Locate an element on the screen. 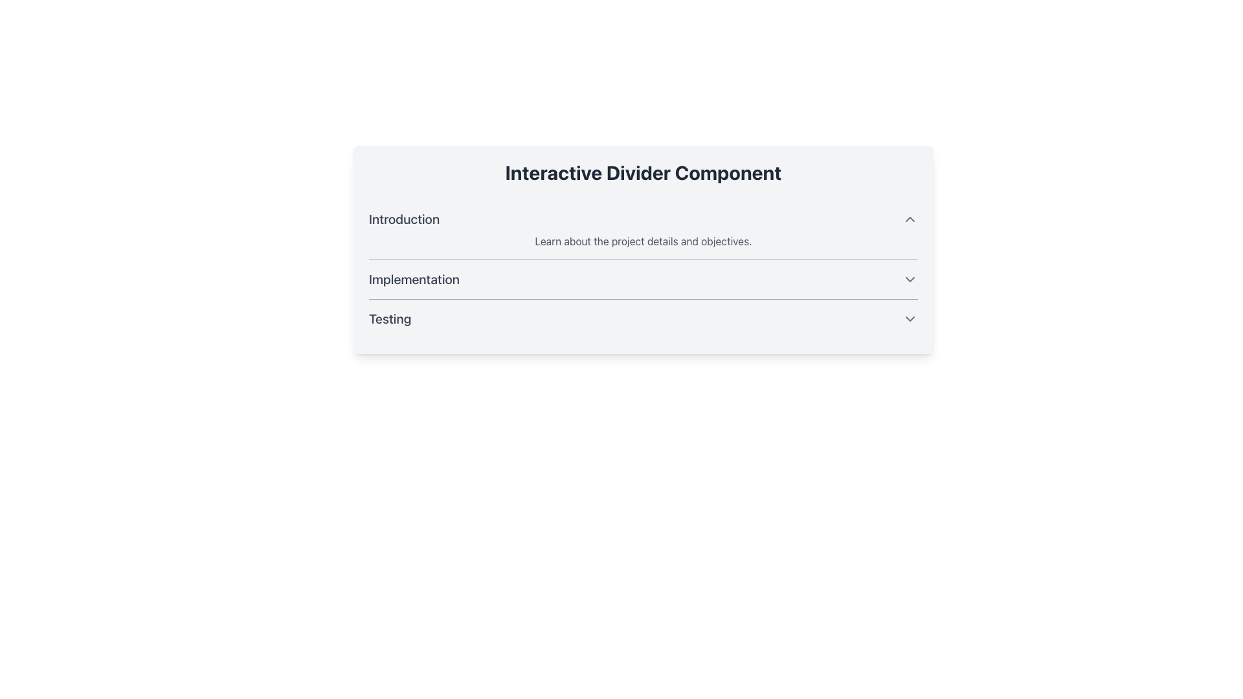  the Text Label displaying the word 'Introduction' in large, bold, dark-gray font located at the upper-left area of a section header is located at coordinates (403, 219).